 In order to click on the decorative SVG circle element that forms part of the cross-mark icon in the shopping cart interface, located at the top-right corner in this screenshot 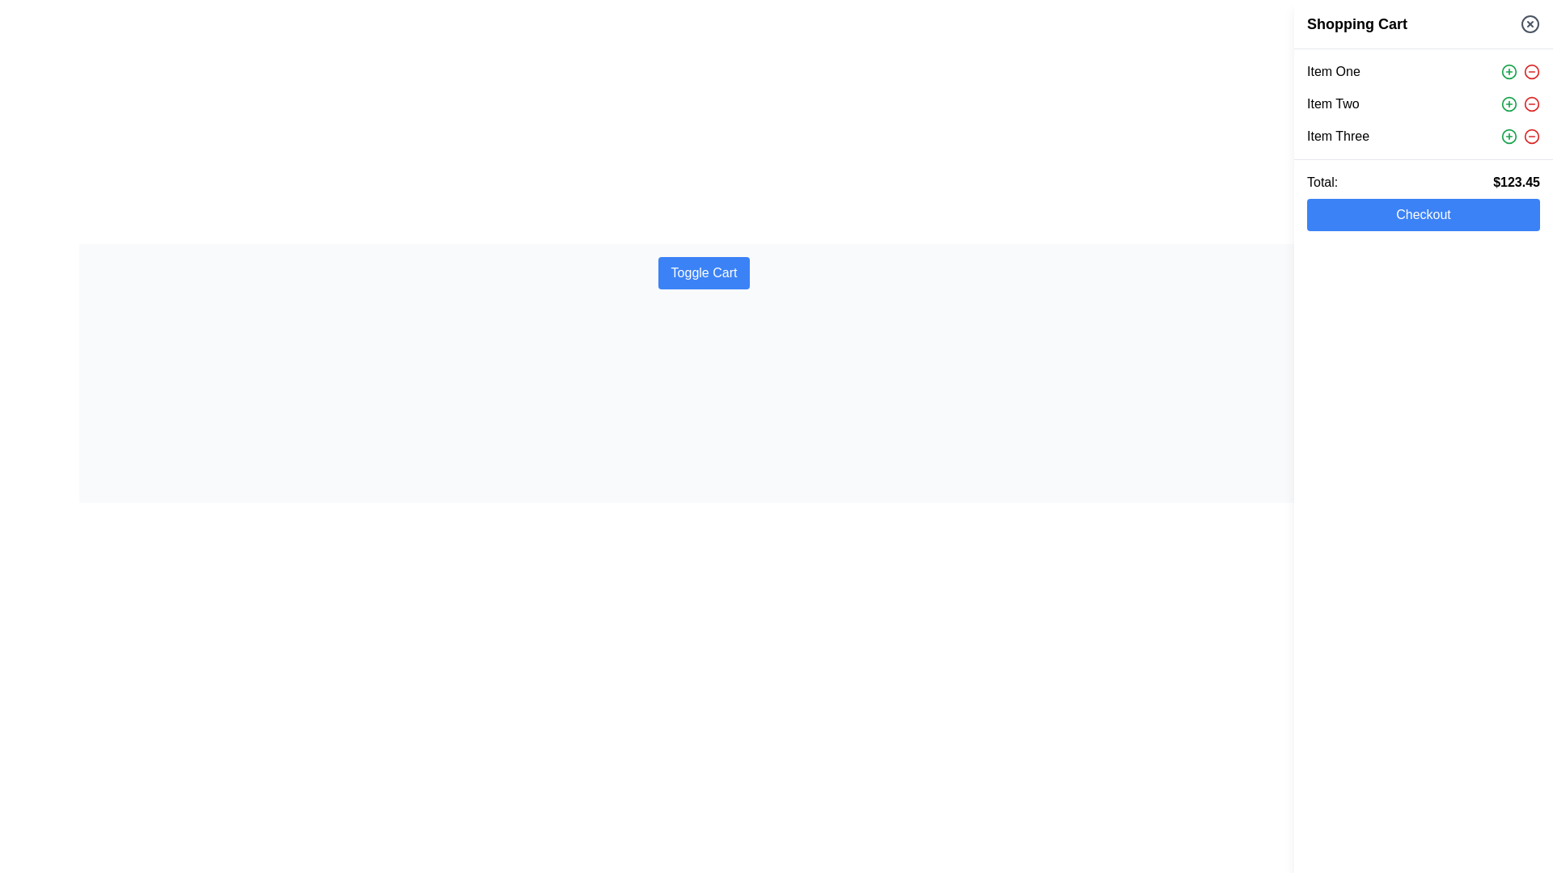, I will do `click(1529, 24)`.